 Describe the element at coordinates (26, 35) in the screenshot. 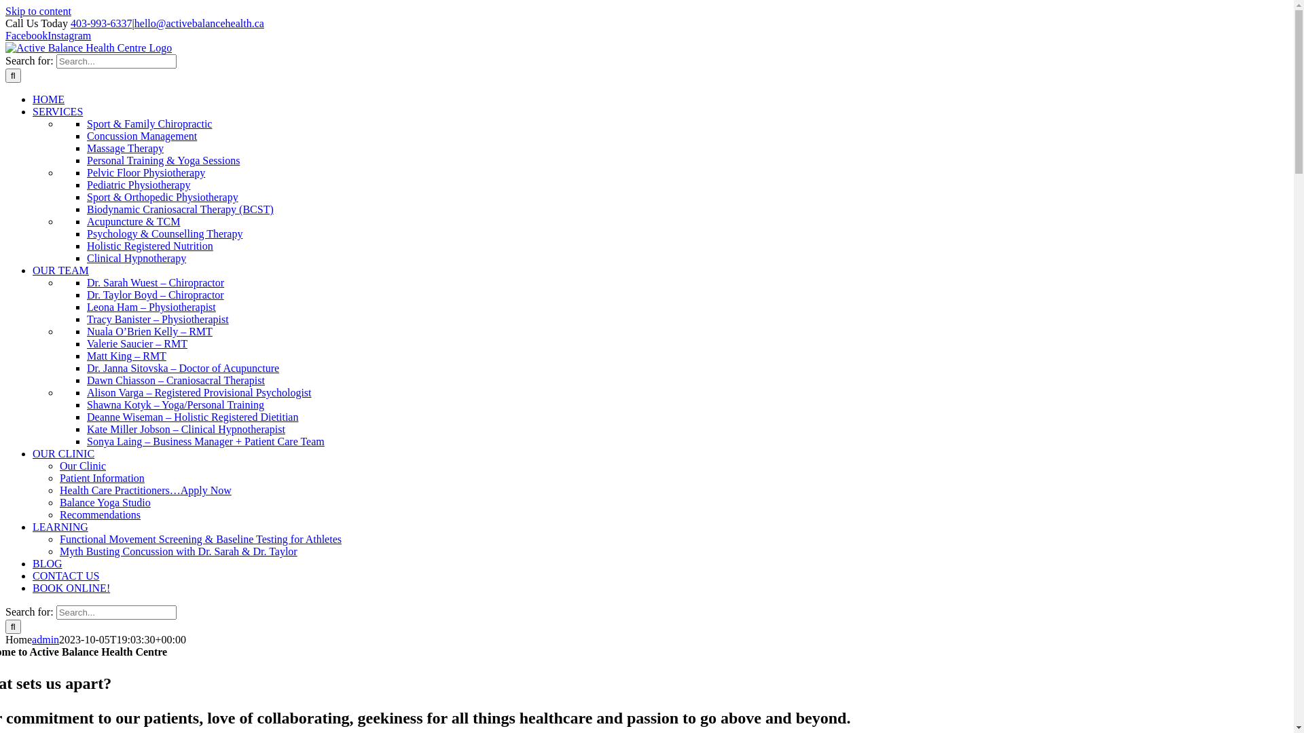

I see `'Facebook'` at that location.